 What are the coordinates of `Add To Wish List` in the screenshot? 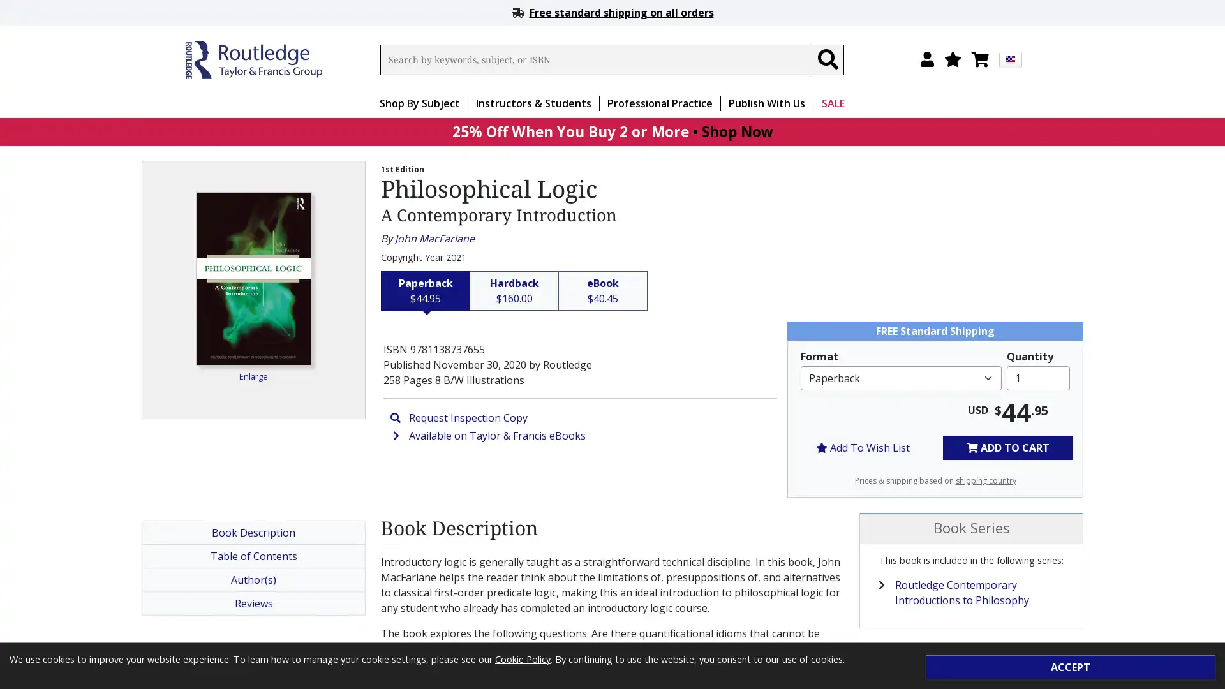 It's located at (863, 447).